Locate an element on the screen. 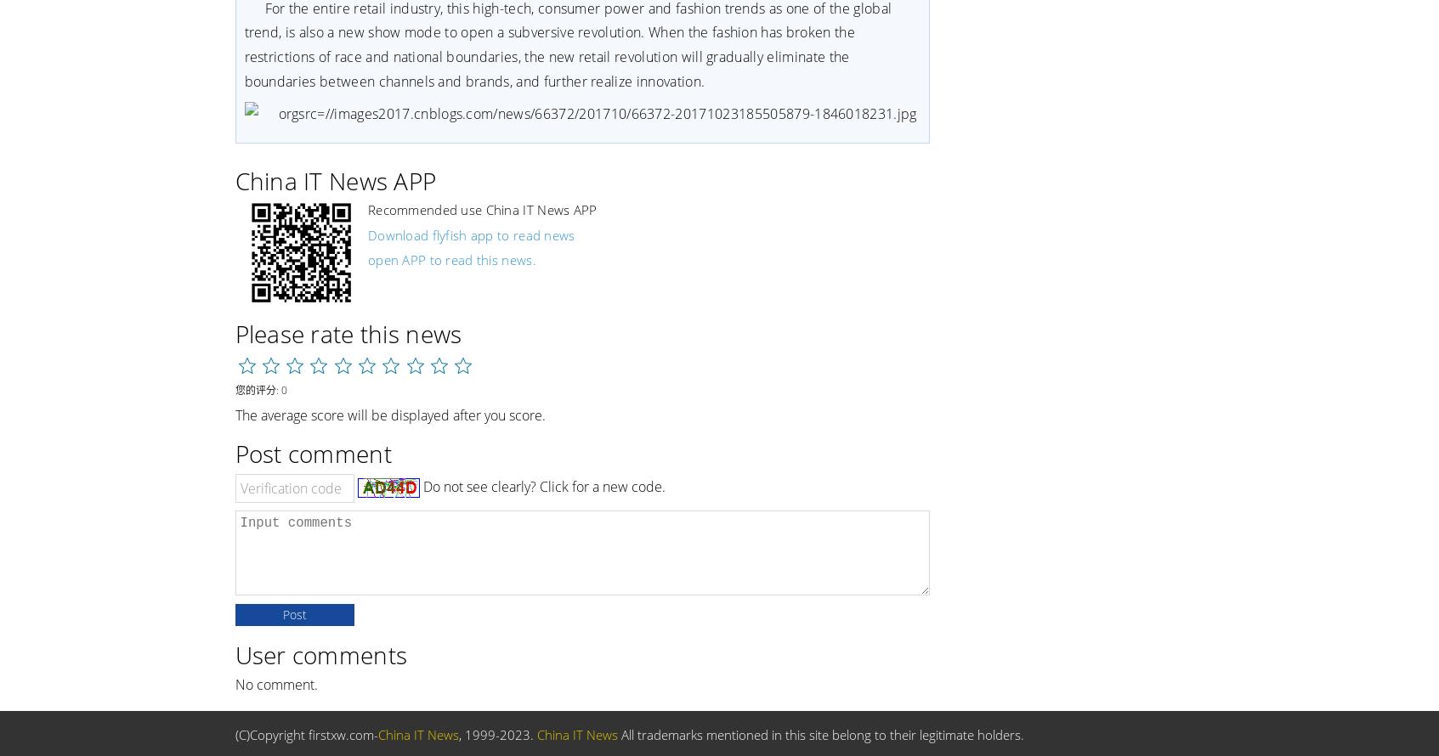 Image resolution: width=1439 pixels, height=756 pixels. '您的评分: 0' is located at coordinates (259, 389).